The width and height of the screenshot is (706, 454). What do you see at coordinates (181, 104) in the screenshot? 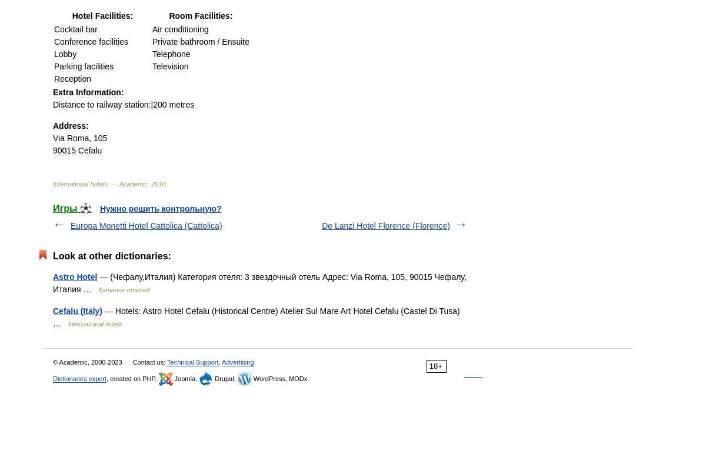
I see `'metres'` at bounding box center [181, 104].